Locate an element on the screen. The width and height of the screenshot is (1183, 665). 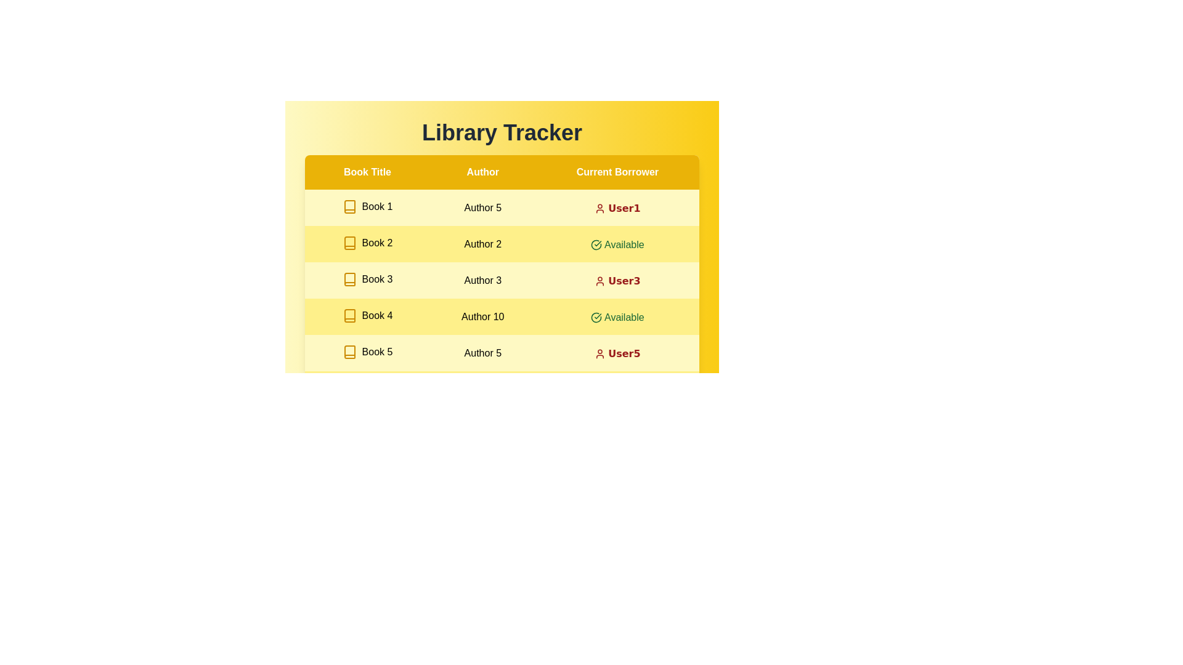
the icon for book of Book 3 to access additional information is located at coordinates (349, 280).